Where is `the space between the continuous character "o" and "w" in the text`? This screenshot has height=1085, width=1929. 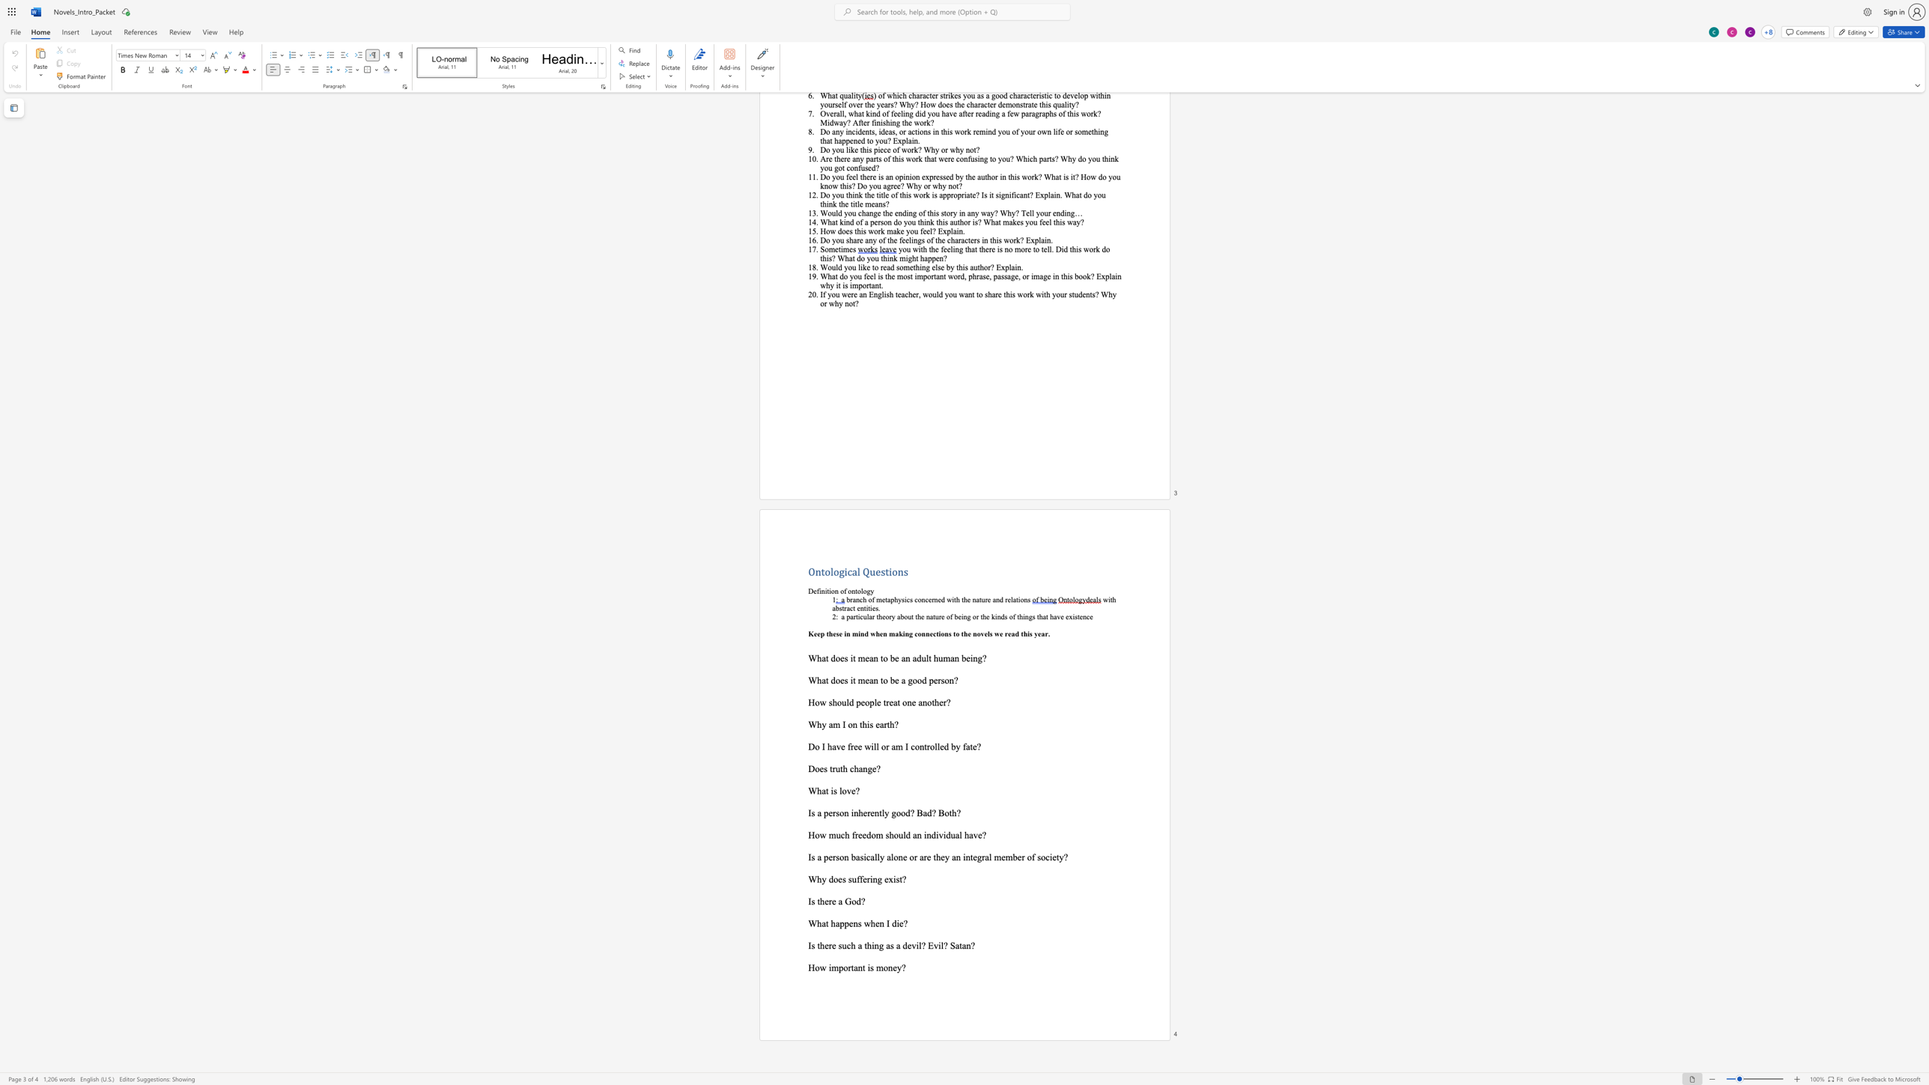 the space between the continuous character "o" and "w" in the text is located at coordinates (820, 702).